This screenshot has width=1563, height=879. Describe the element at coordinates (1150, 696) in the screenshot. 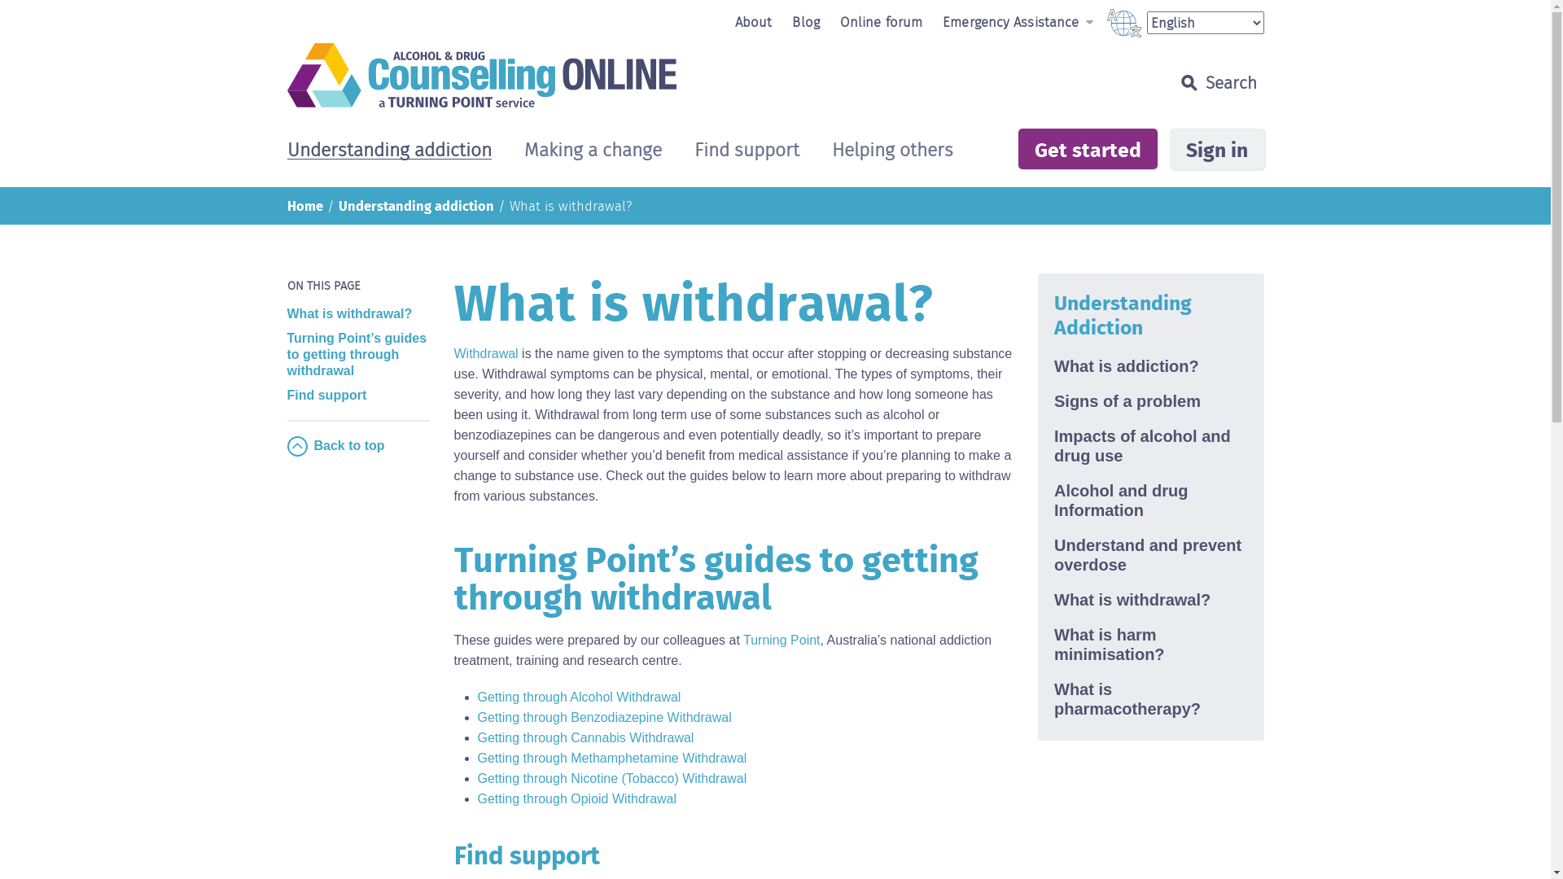

I see `'What is pharmacotherapy?'` at that location.